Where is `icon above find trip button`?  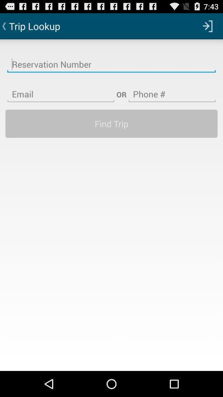
icon above find trip button is located at coordinates (60, 89).